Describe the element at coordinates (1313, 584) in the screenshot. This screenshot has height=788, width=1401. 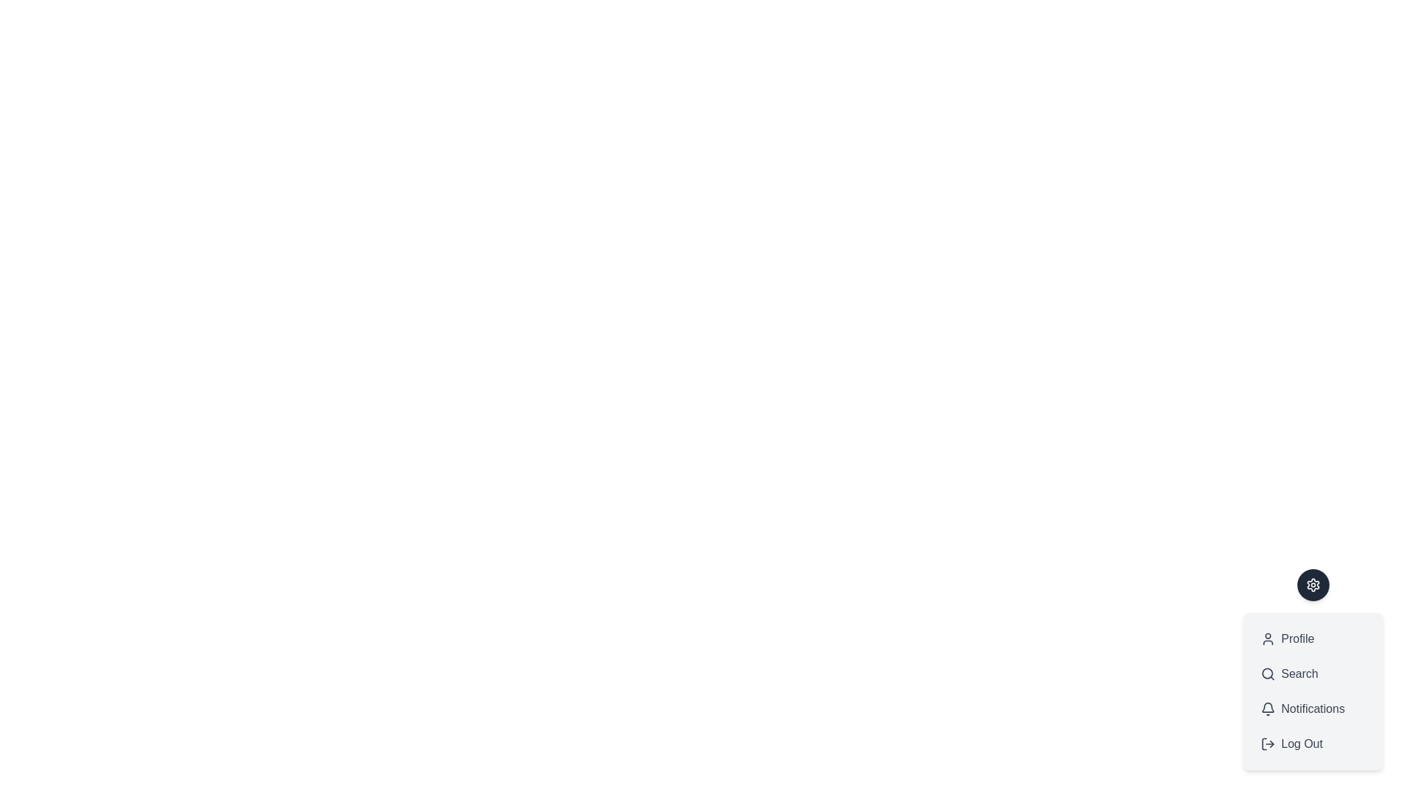
I see `the gear-shaped icon representing settings, located in the bottom-right corner of the interface` at that location.